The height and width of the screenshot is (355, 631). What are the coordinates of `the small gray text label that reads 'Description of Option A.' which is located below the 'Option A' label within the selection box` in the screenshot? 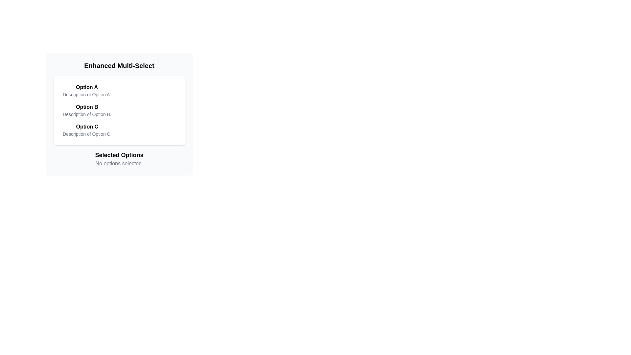 It's located at (86, 95).